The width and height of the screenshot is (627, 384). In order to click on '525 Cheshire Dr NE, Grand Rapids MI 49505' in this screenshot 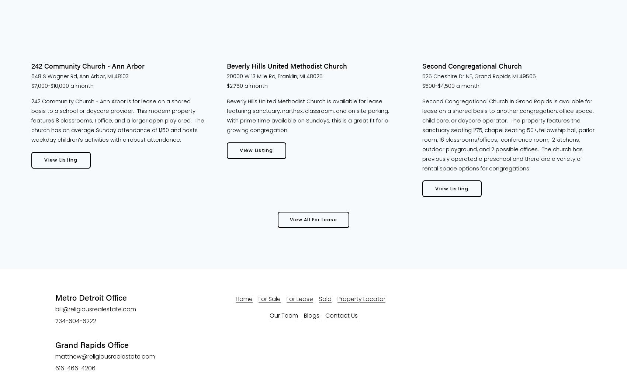, I will do `click(422, 76)`.